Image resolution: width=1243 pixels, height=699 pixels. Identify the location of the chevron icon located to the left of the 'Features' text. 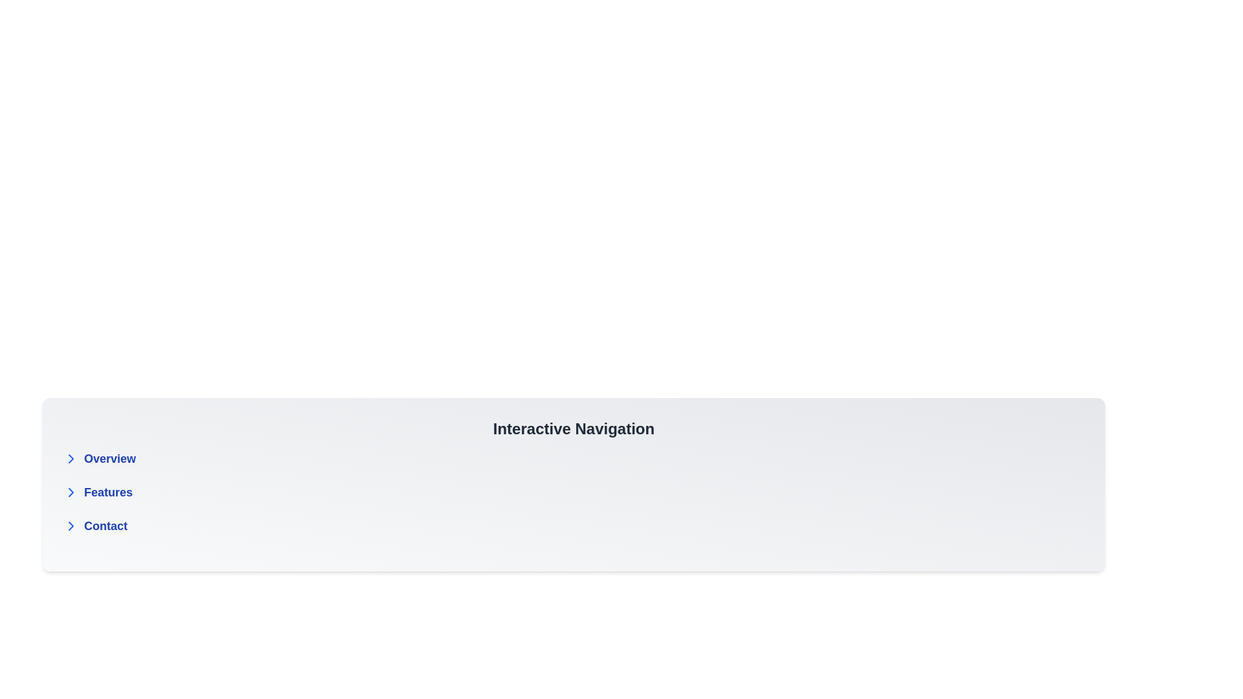
(71, 492).